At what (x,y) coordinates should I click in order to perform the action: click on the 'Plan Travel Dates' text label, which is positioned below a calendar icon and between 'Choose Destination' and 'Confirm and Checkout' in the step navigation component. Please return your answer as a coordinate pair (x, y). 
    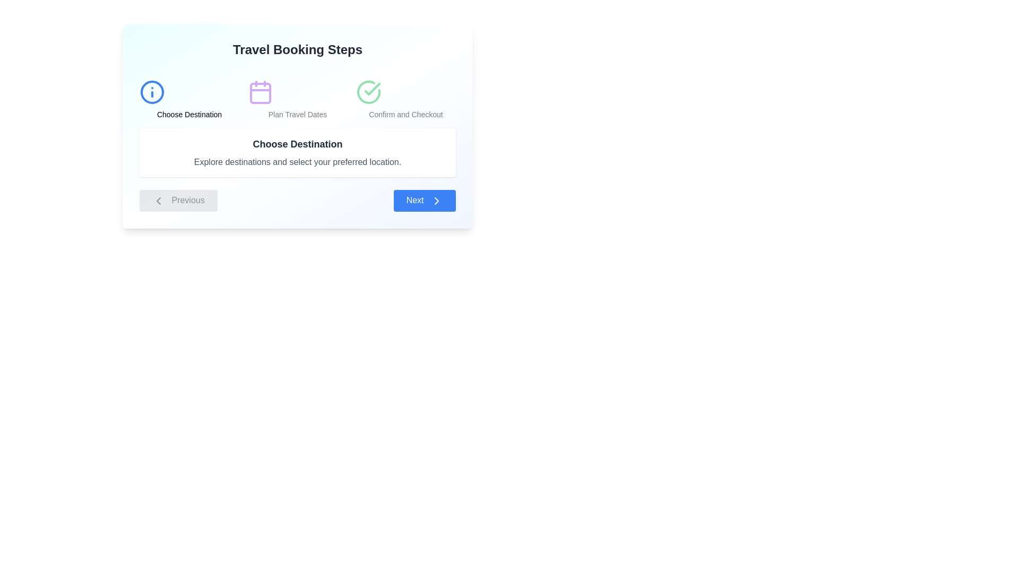
    Looking at the image, I should click on (297, 115).